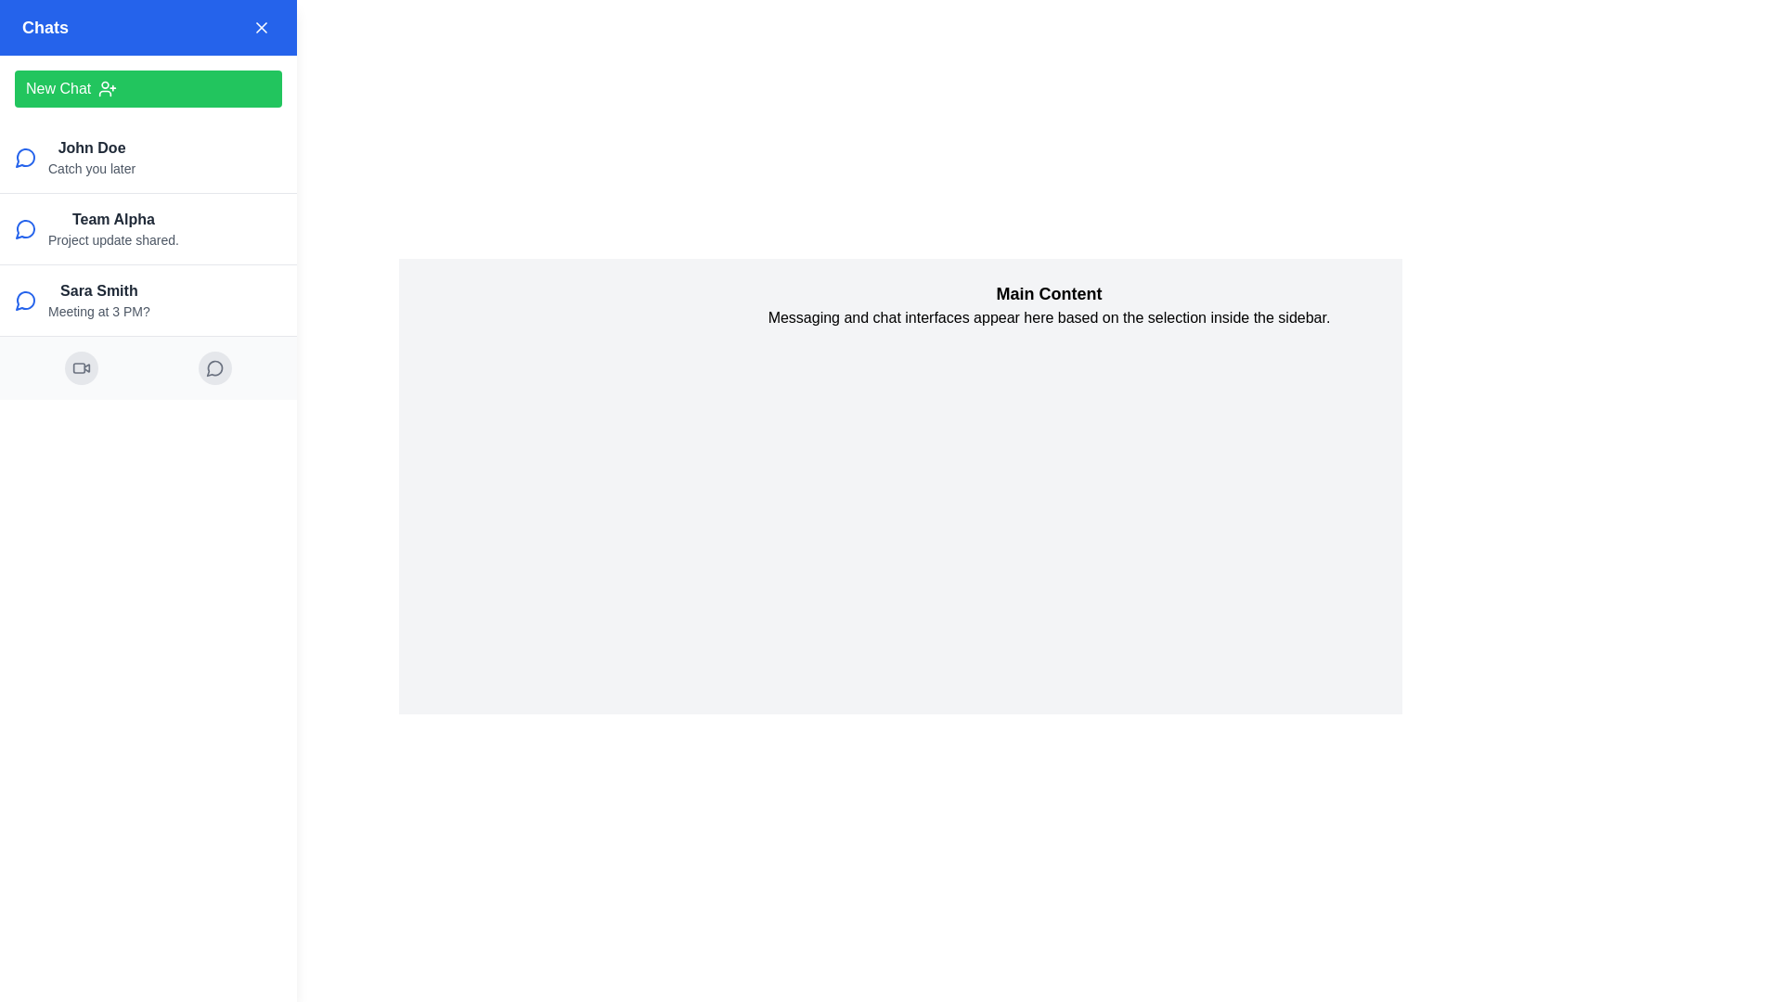 The height and width of the screenshot is (1002, 1782). What do you see at coordinates (1049, 292) in the screenshot?
I see `the 'Main Content' heading, which is a bold, large text styled as a headline located in the upper central part of the content area` at bounding box center [1049, 292].